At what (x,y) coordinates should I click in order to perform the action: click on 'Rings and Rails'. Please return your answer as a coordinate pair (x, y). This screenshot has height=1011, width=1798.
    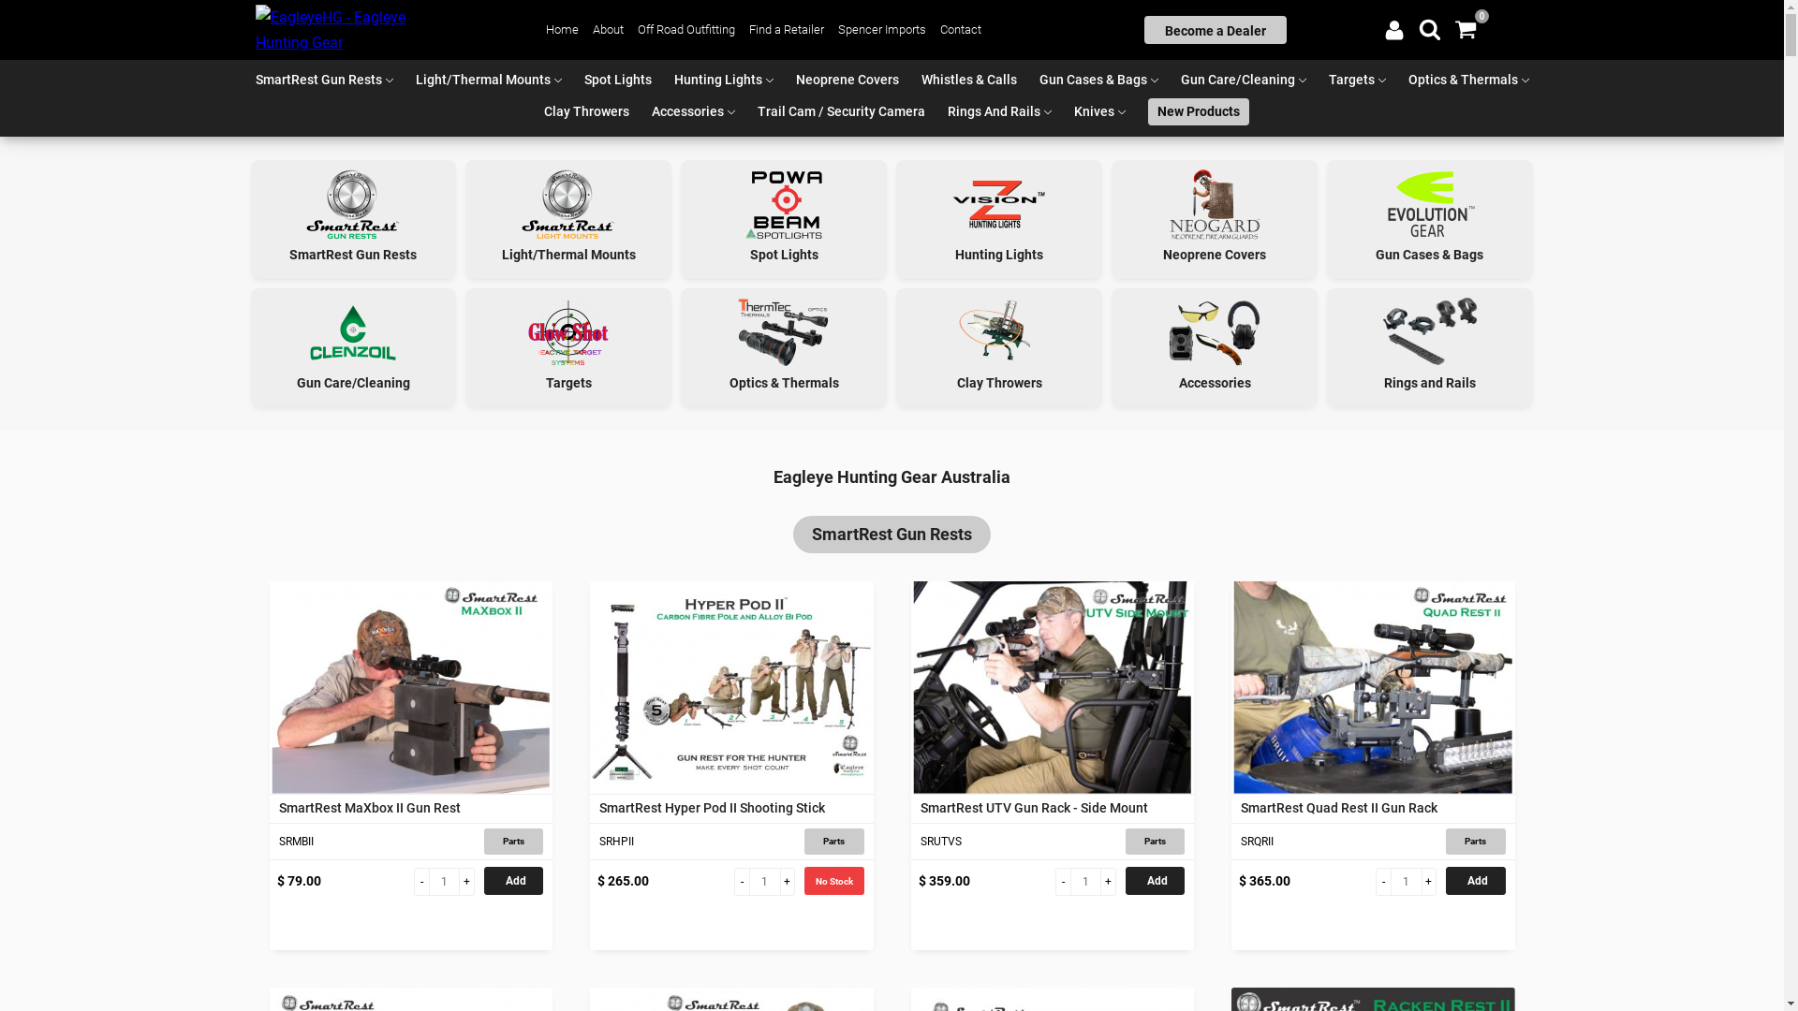
    Looking at the image, I should click on (1428, 347).